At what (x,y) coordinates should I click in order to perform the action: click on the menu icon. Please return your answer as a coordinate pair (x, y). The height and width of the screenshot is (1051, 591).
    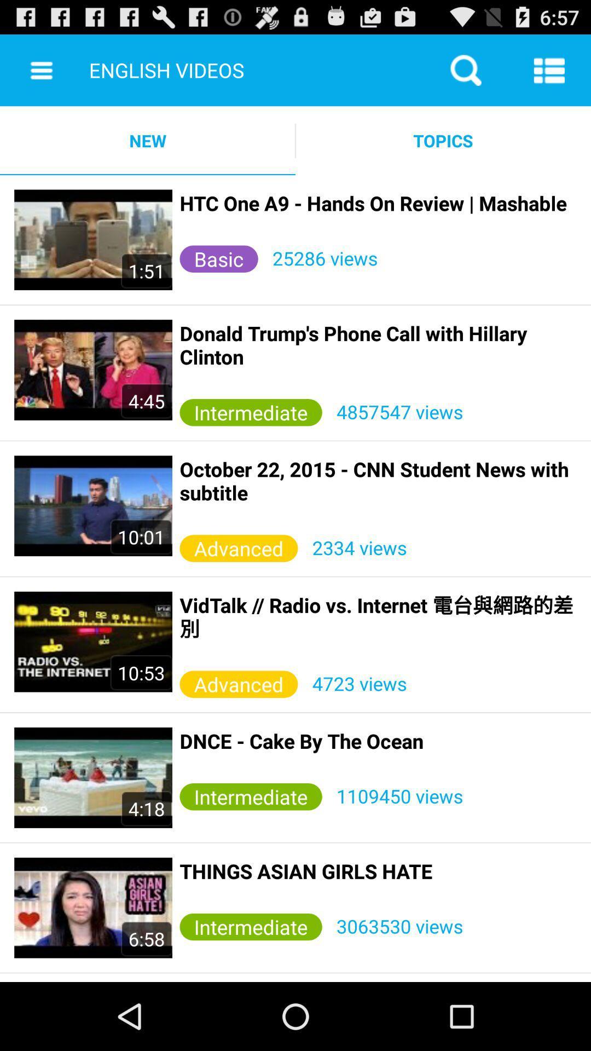
    Looking at the image, I should click on (41, 74).